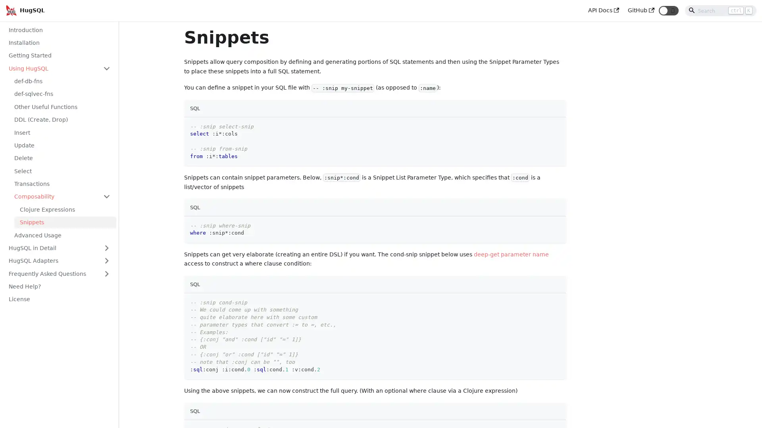  What do you see at coordinates (553, 125) in the screenshot?
I see `Copy code to clipboard` at bounding box center [553, 125].